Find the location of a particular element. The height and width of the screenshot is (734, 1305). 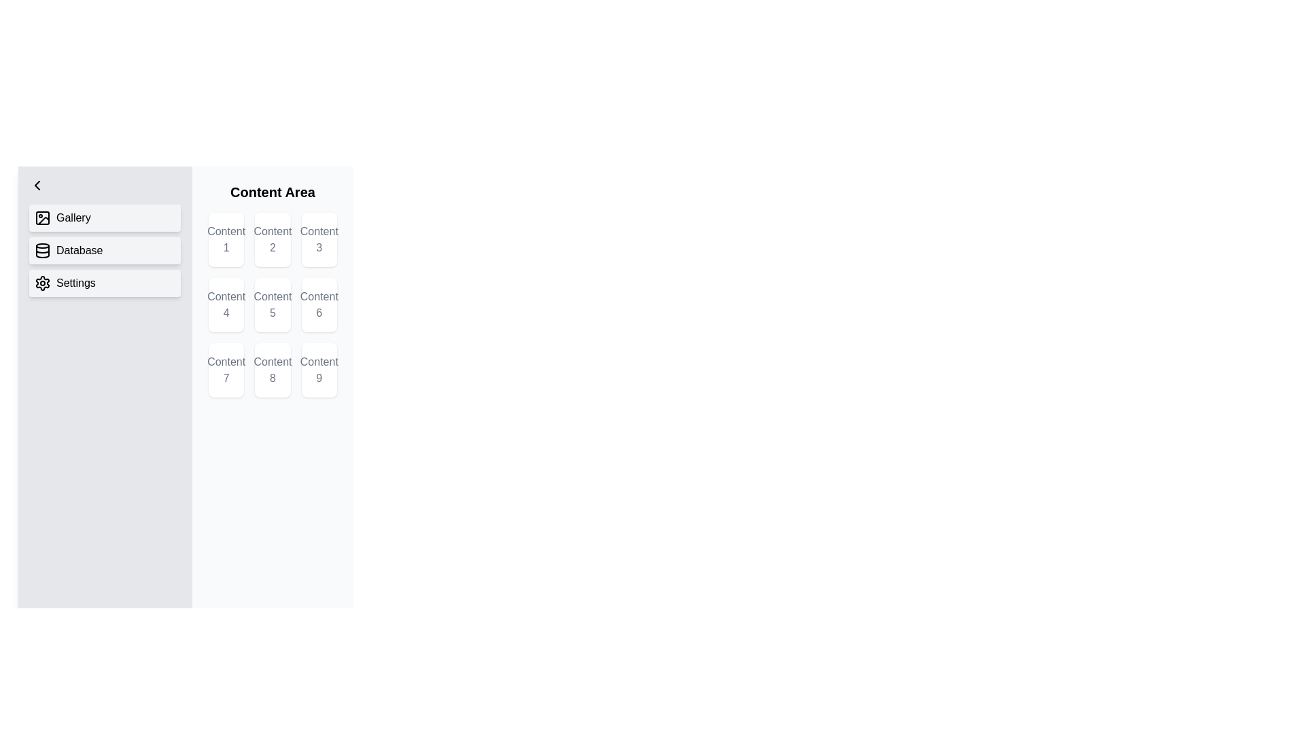

the navigational button for the 'Content 5' section, located in the middle of the second row of a 3x3 grid layout is located at coordinates (272, 304).